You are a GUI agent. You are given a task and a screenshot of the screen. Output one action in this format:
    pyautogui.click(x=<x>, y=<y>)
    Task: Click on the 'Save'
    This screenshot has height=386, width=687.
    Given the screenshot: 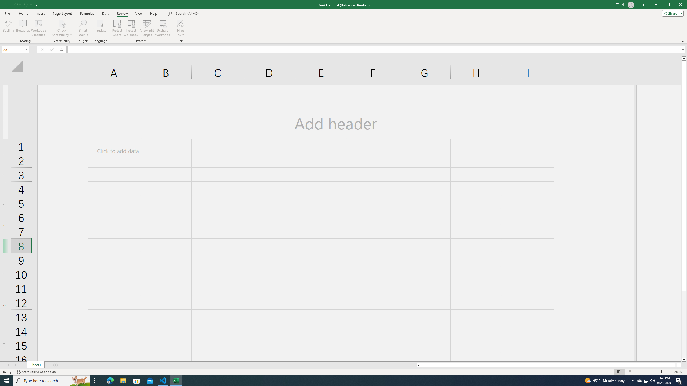 What is the action you would take?
    pyautogui.click(x=8, y=4)
    